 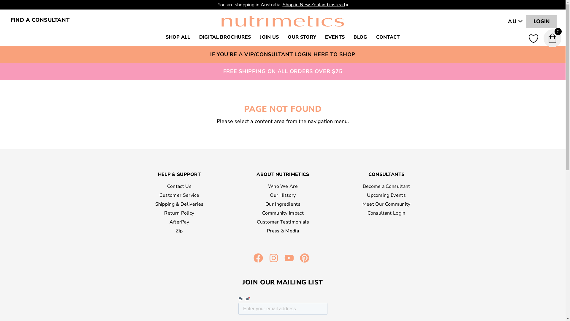 What do you see at coordinates (282, 186) in the screenshot?
I see `'Who We Are'` at bounding box center [282, 186].